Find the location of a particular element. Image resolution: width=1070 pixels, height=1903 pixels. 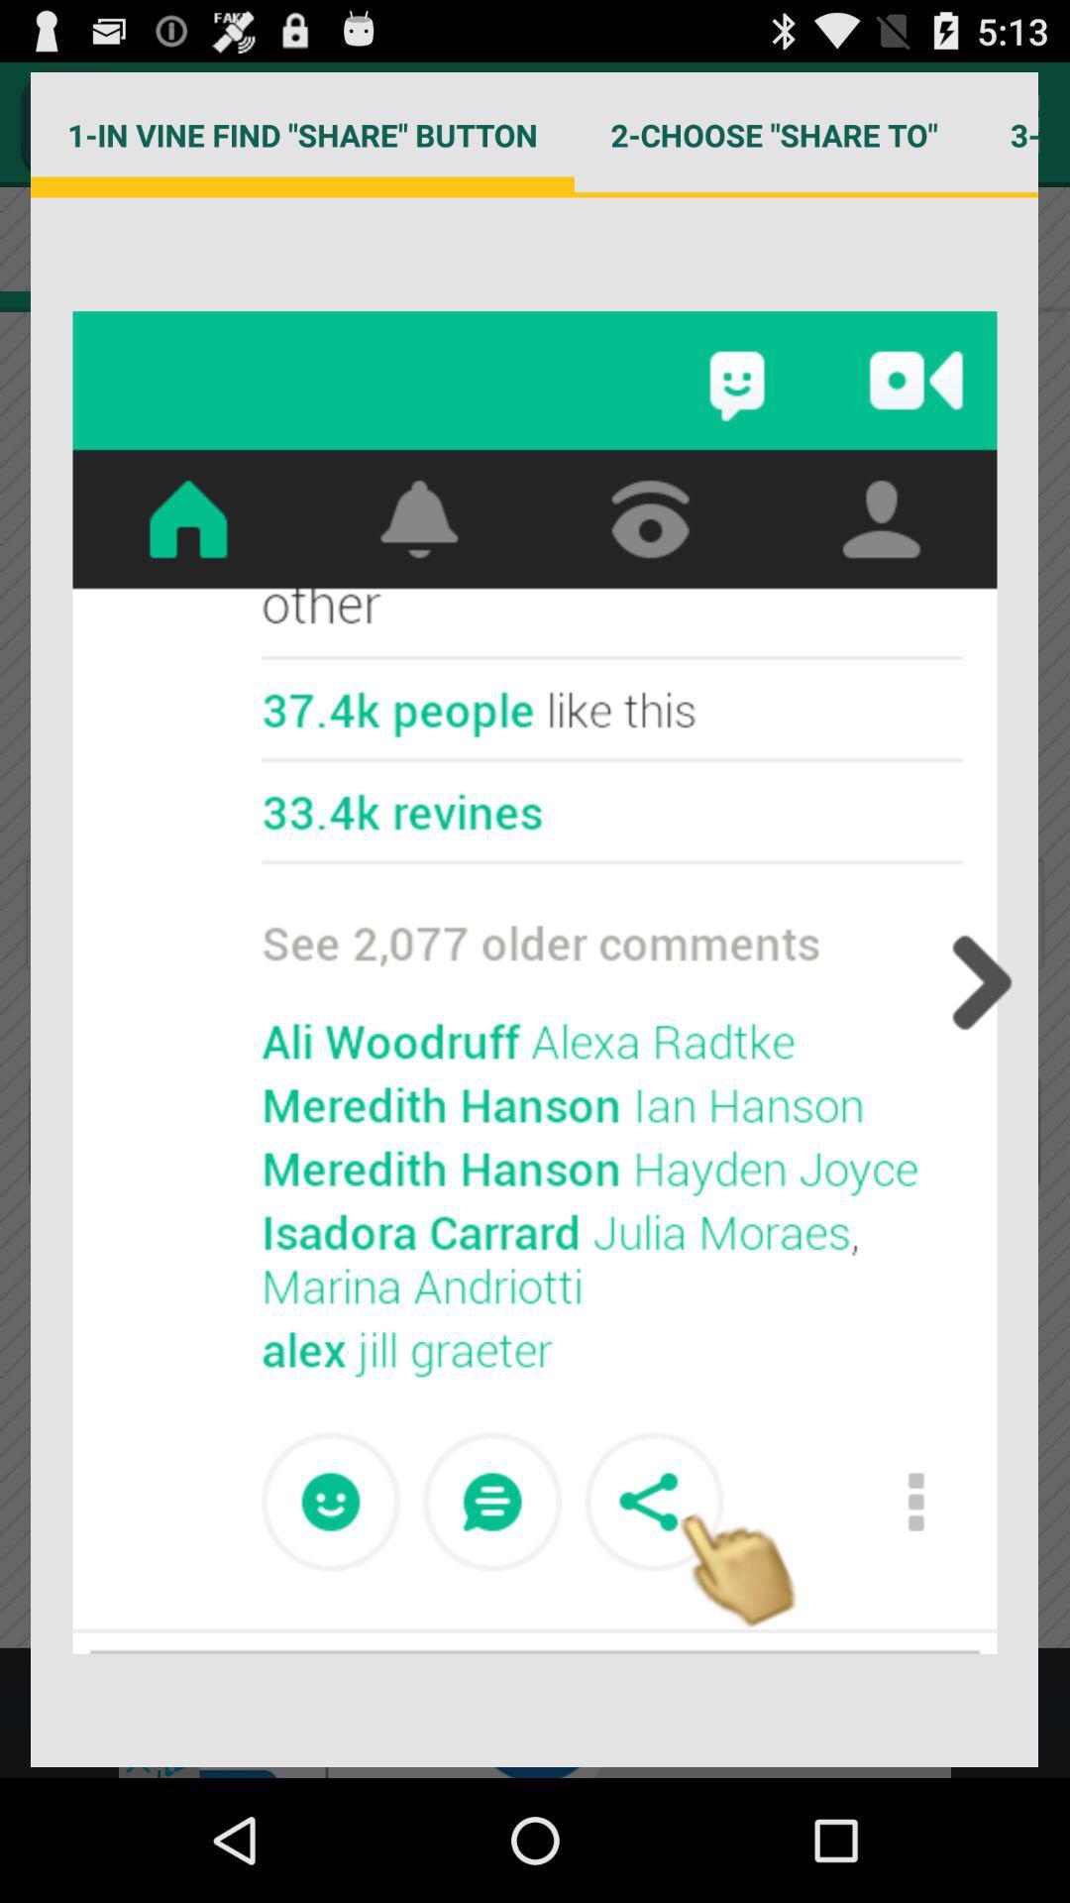

the icon to the right of 2 choose share is located at coordinates (1006, 134).